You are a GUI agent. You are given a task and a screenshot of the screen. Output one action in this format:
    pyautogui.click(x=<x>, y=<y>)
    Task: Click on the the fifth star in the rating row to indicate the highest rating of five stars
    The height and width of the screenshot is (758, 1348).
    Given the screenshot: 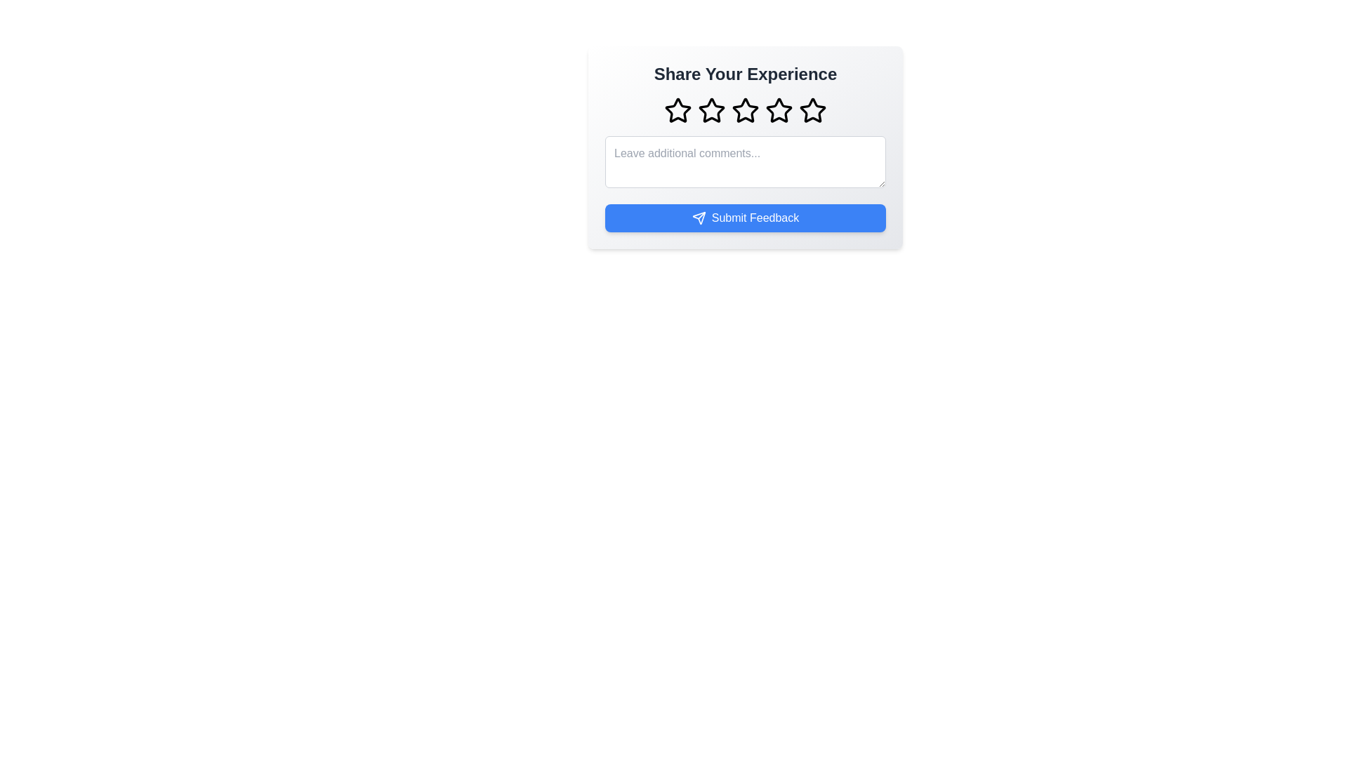 What is the action you would take?
    pyautogui.click(x=812, y=110)
    